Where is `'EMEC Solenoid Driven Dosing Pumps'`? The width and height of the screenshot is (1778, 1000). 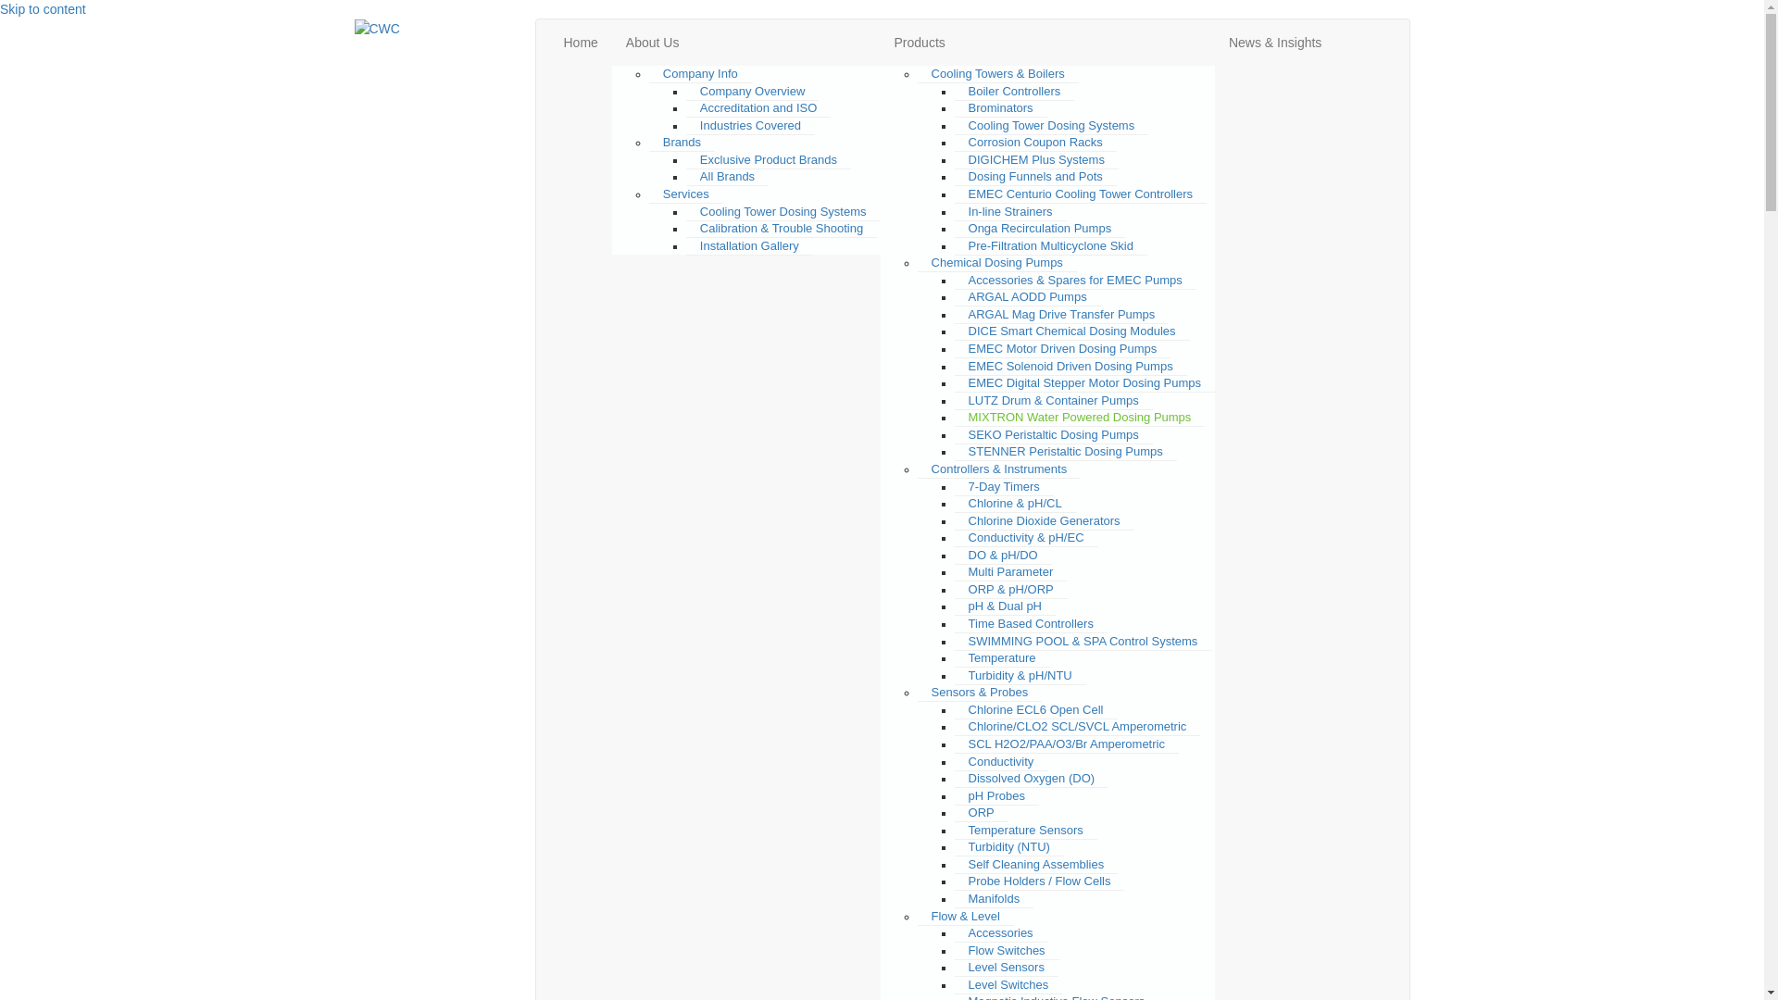 'EMEC Solenoid Driven Dosing Pumps' is located at coordinates (1071, 367).